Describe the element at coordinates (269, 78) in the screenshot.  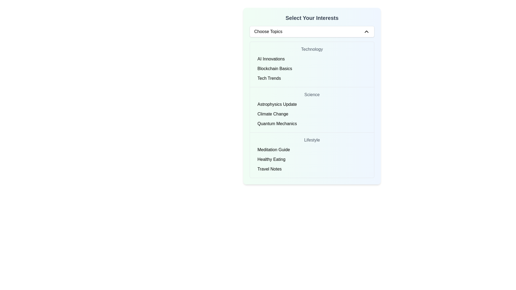
I see `the 'Tech Trends' text label, which is the third item in the 'Technology' category of the 'Select Your Interests' list` at that location.